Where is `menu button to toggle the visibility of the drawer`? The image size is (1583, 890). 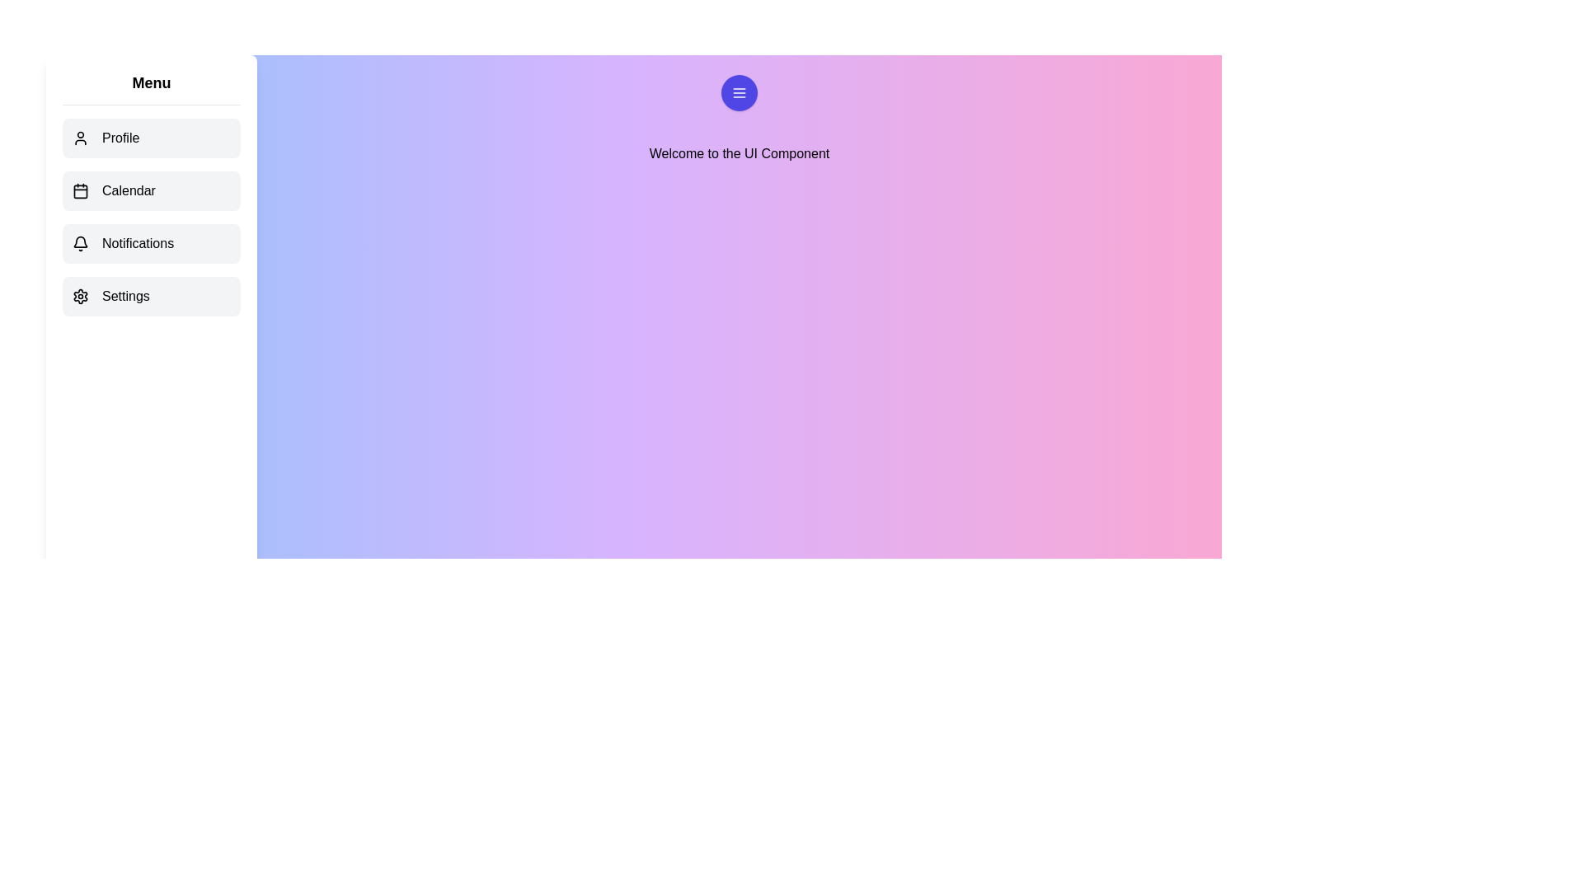 menu button to toggle the visibility of the drawer is located at coordinates (739, 92).